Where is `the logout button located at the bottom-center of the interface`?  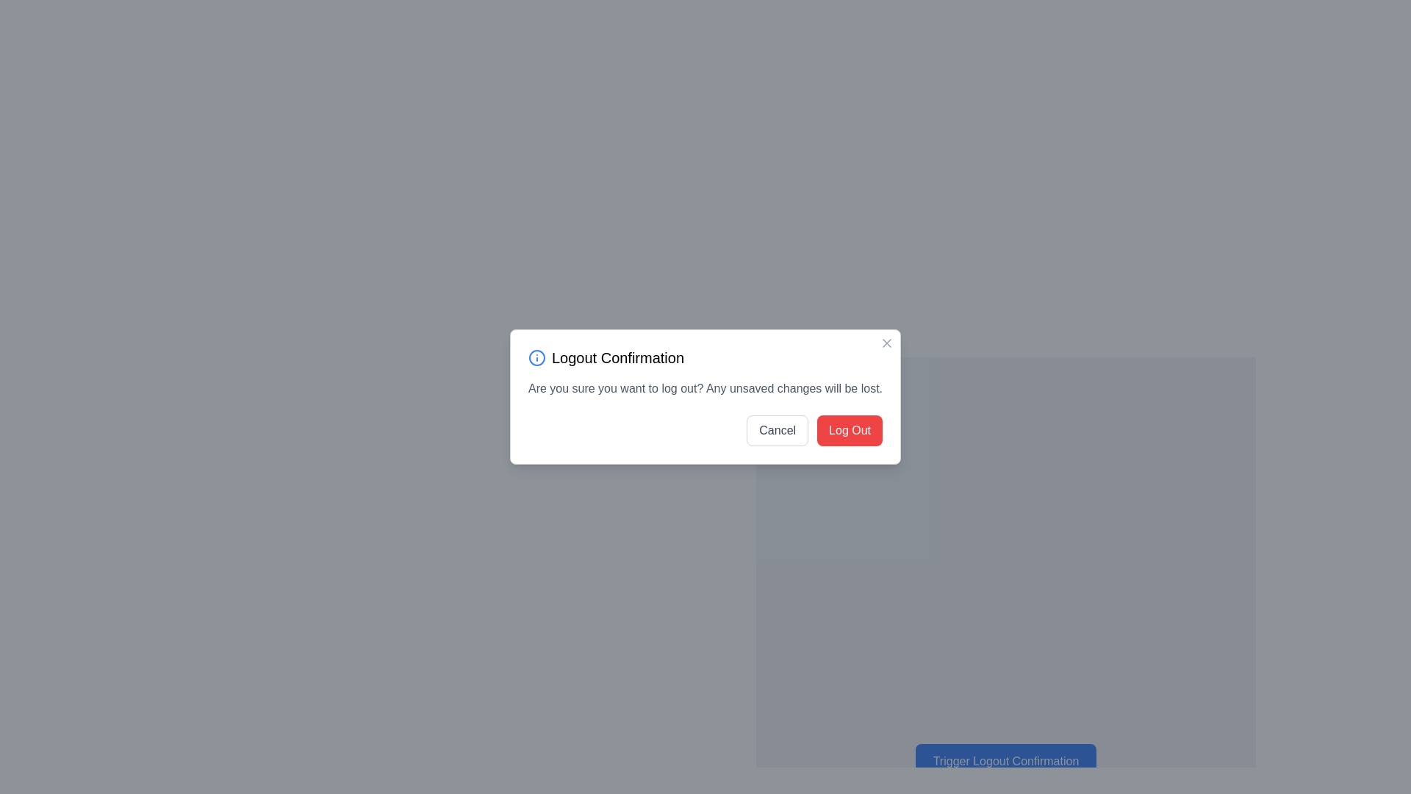
the logout button located at the bottom-center of the interface is located at coordinates (1005, 754).